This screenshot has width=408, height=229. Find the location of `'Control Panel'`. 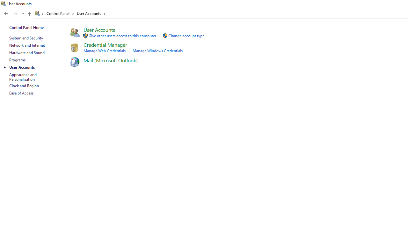

'Control Panel' is located at coordinates (60, 13).